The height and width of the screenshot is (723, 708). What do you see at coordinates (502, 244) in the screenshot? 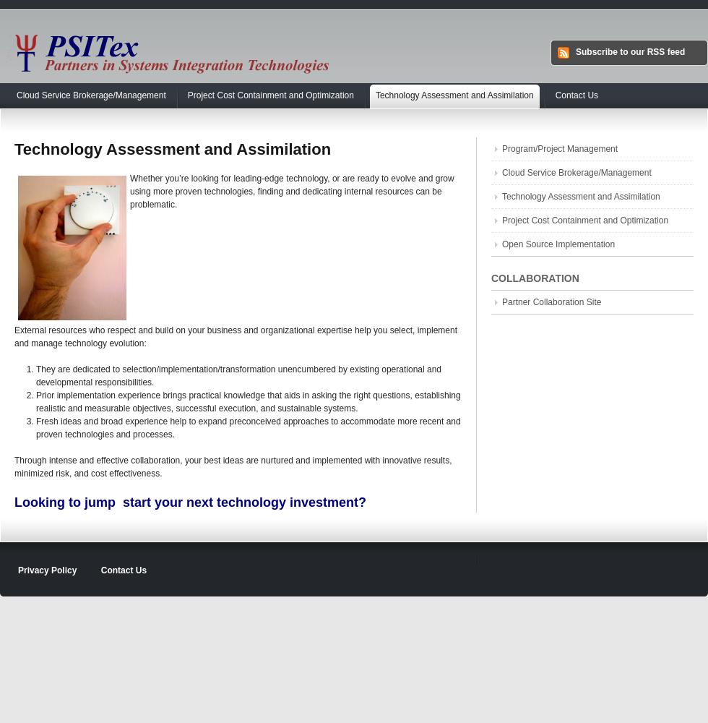
I see `'Open Source Implementation'` at bounding box center [502, 244].